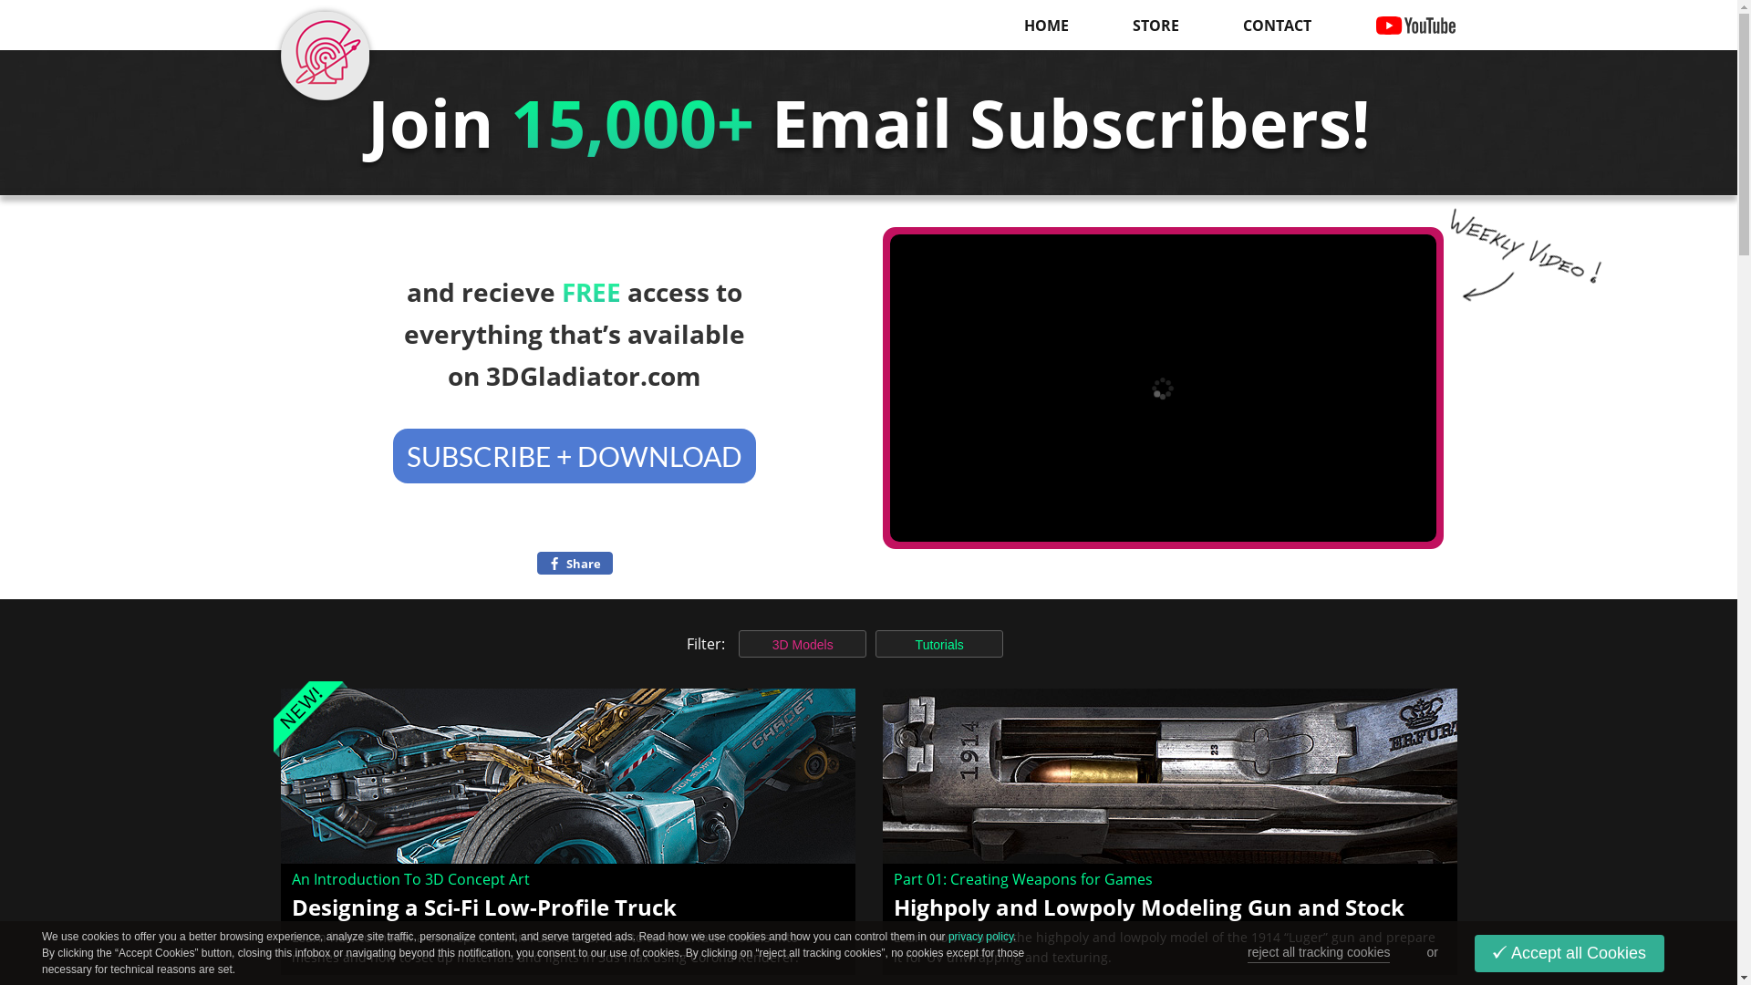 Image resolution: width=1751 pixels, height=985 pixels. I want to click on 'Tutorials', so click(875, 642).